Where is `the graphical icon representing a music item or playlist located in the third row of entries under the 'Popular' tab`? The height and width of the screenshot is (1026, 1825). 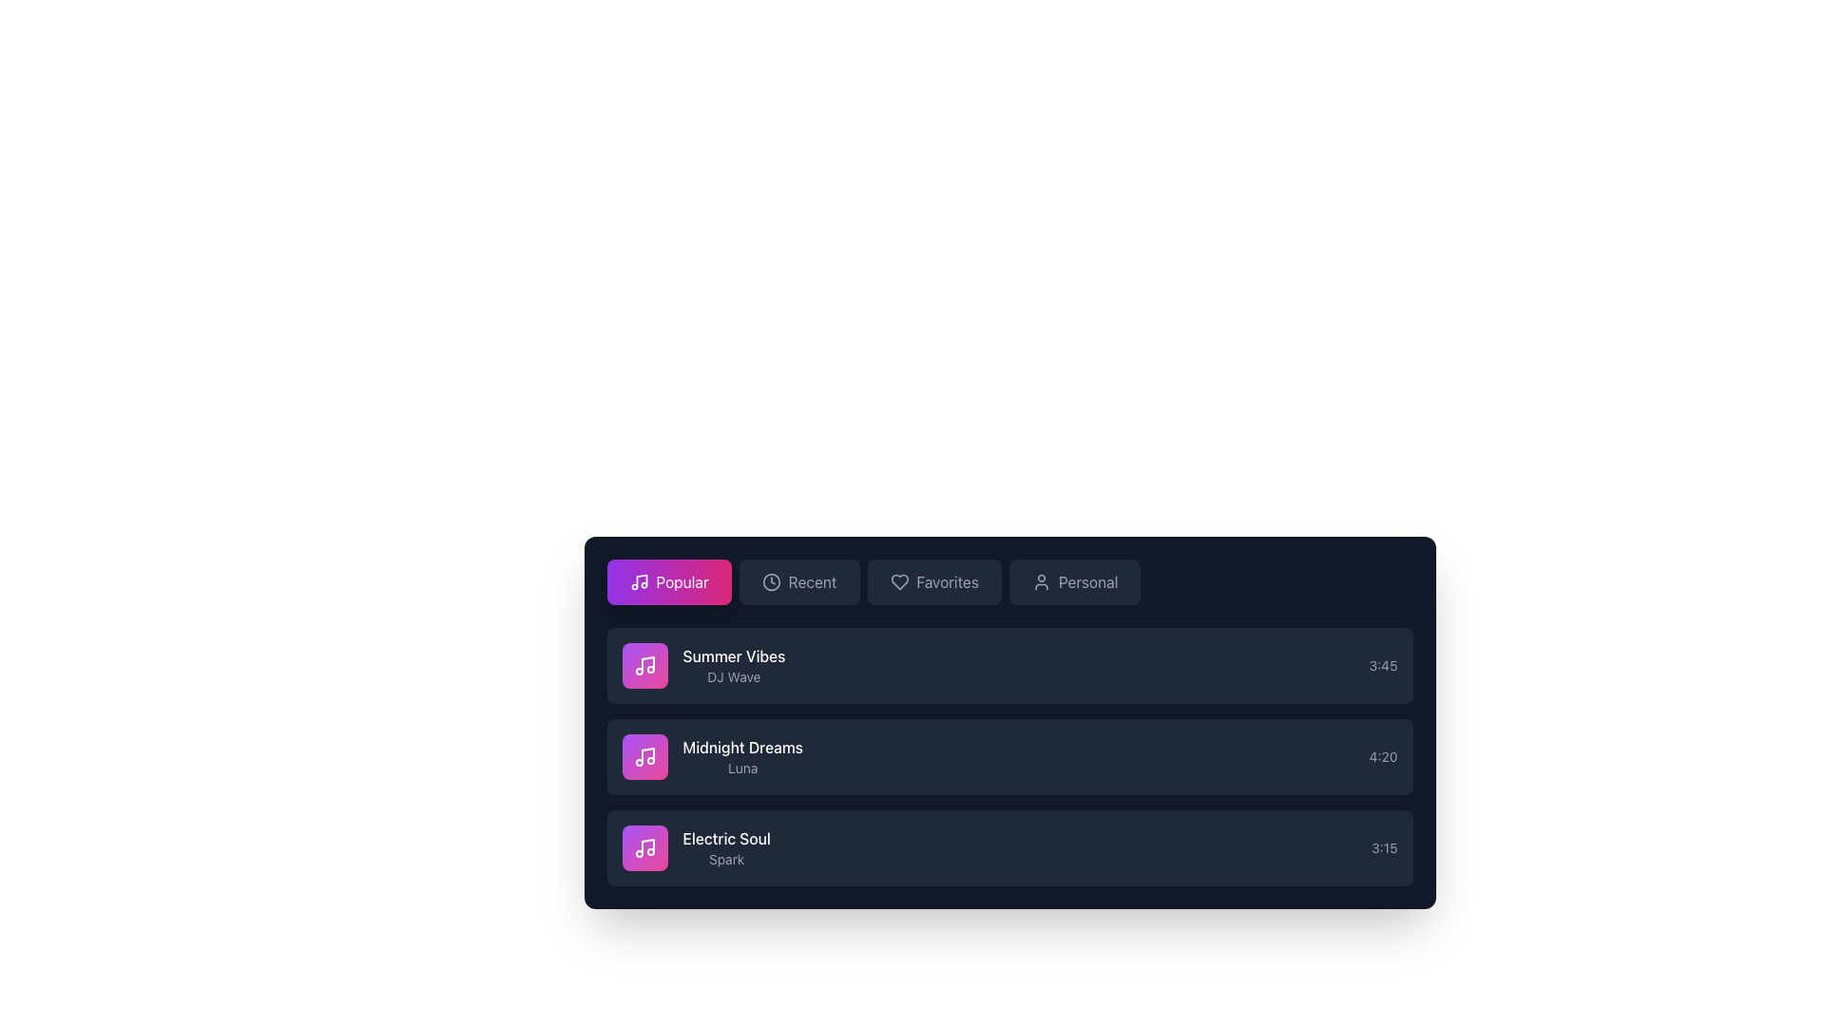 the graphical icon representing a music item or playlist located in the third row of entries under the 'Popular' tab is located at coordinates (644, 847).